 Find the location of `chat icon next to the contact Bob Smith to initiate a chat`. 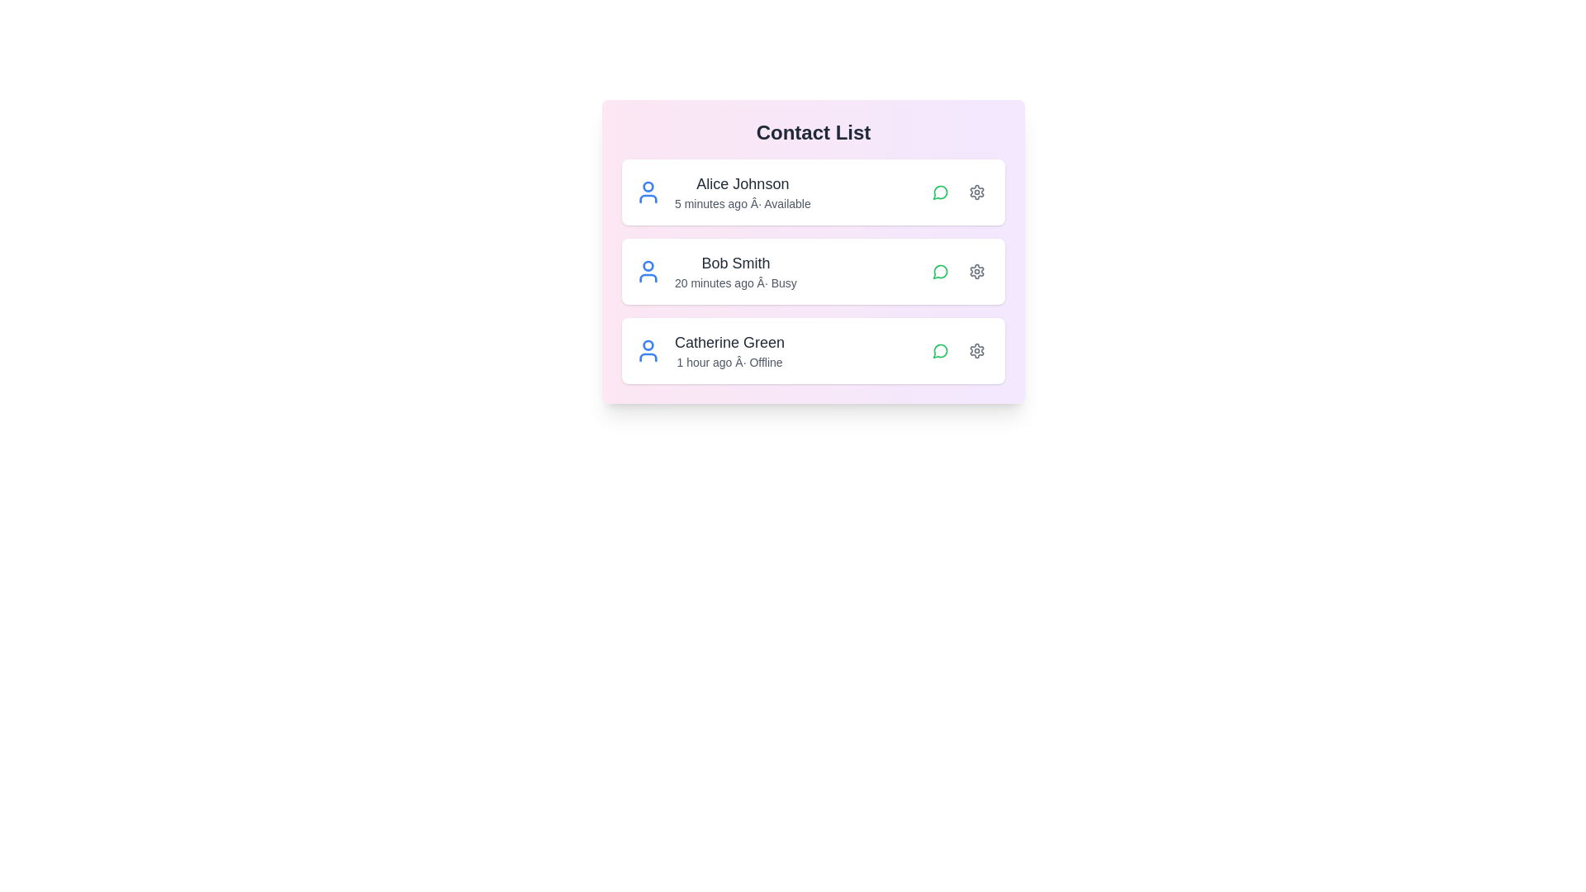

chat icon next to the contact Bob Smith to initiate a chat is located at coordinates (940, 270).